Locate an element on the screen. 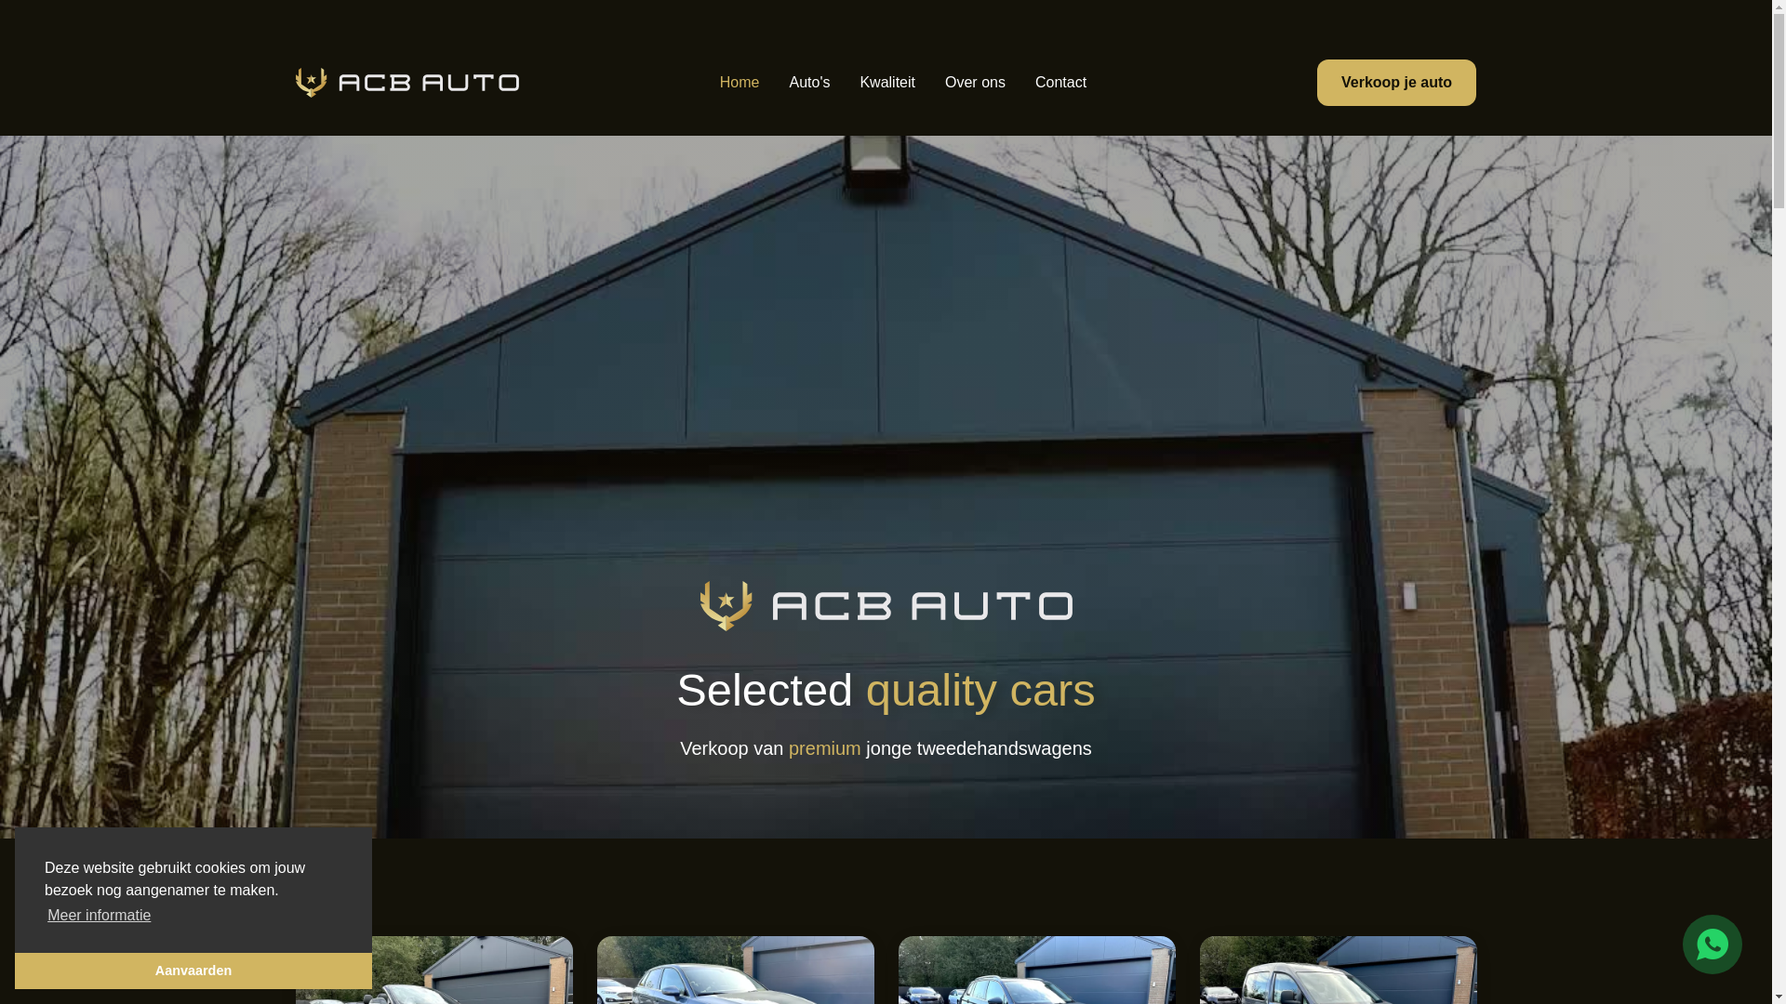 The height and width of the screenshot is (1004, 1786). 'Meer informatie' is located at coordinates (45, 914).